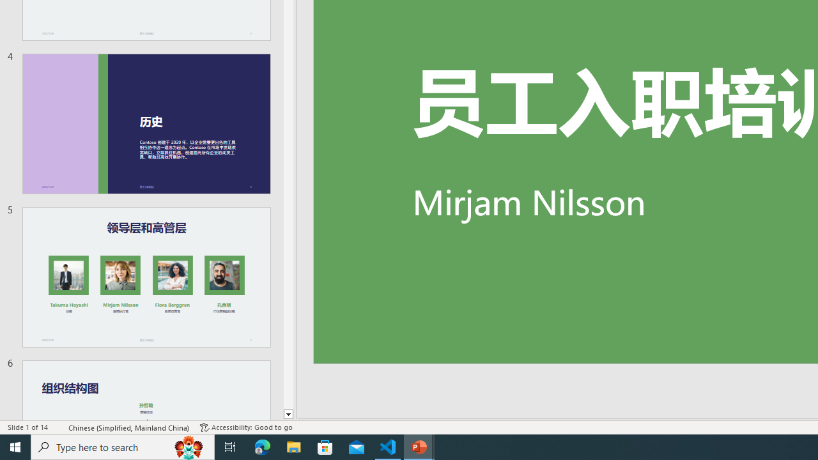 This screenshot has height=460, width=818. What do you see at coordinates (262, 446) in the screenshot?
I see `'Microsoft Edge'` at bounding box center [262, 446].